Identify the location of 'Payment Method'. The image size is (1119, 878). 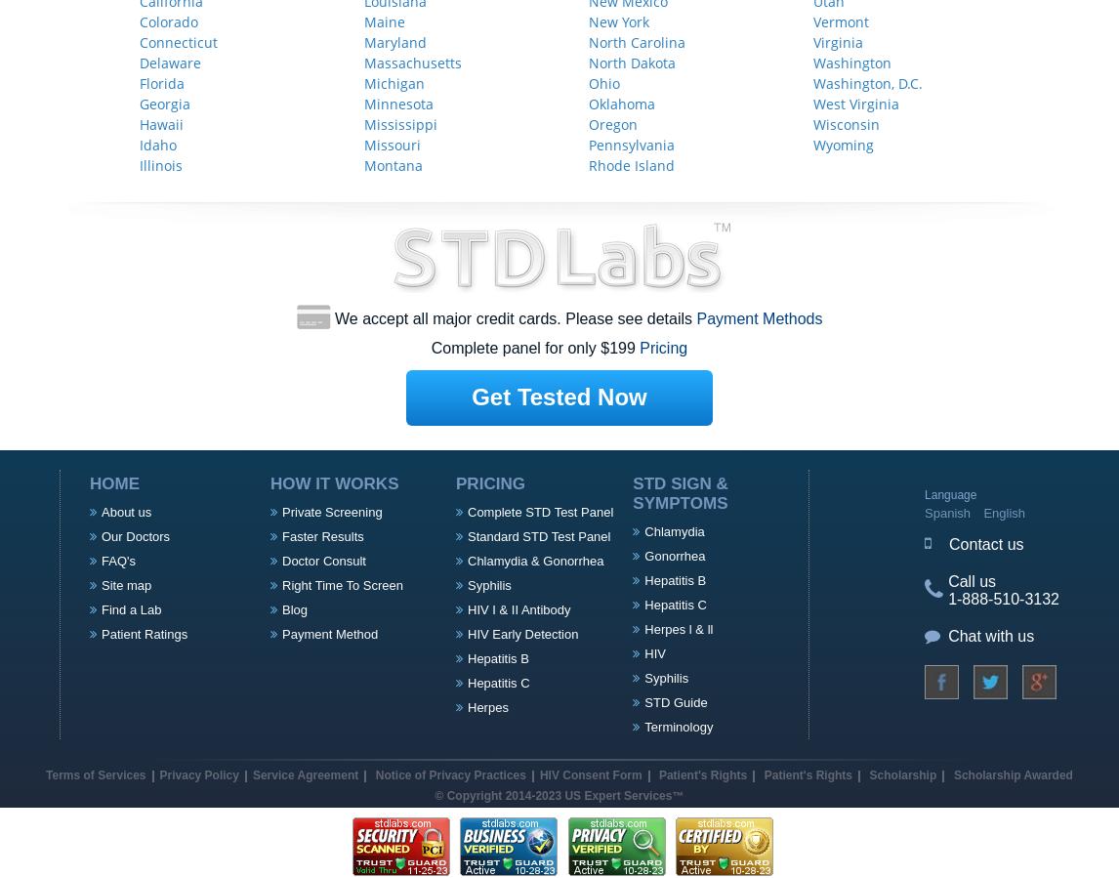
(328, 632).